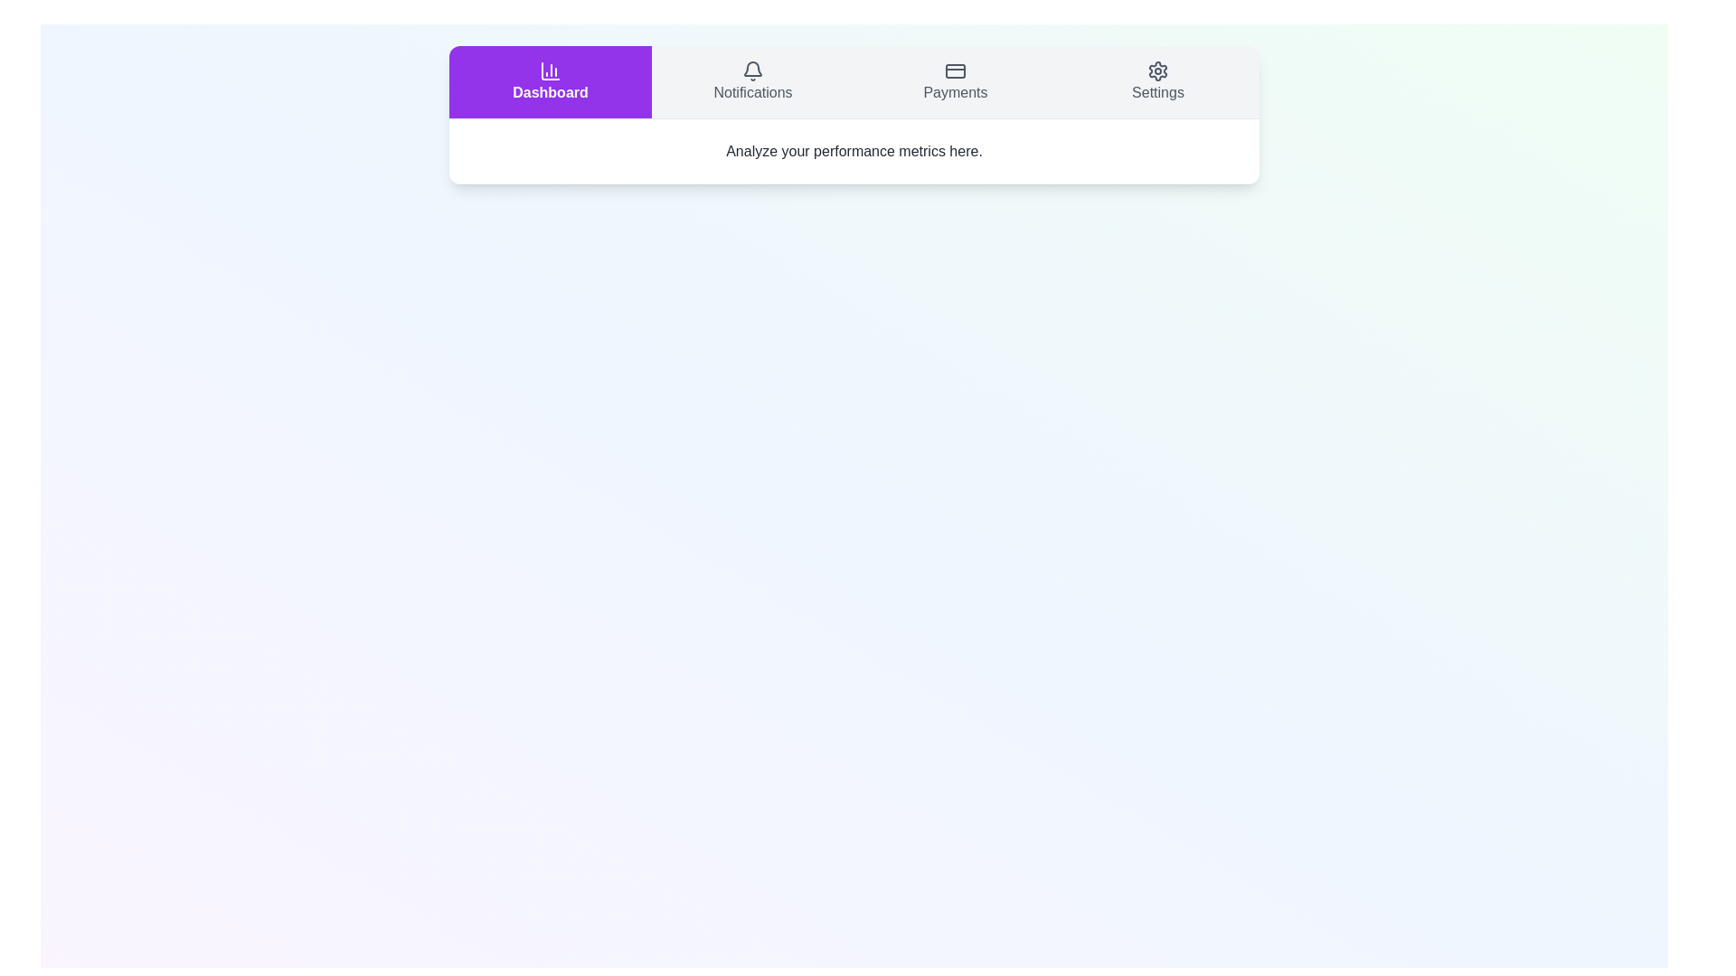 This screenshot has width=1736, height=976. Describe the element at coordinates (753, 82) in the screenshot. I see `the Notifications tab to select it` at that location.